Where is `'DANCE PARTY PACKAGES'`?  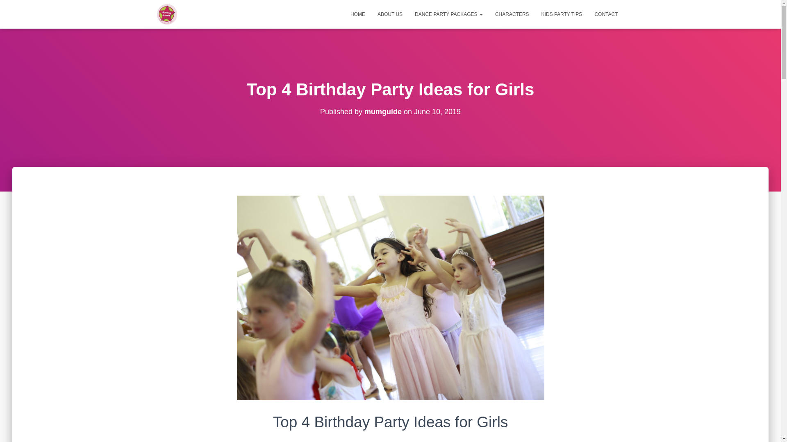
'DANCE PARTY PACKAGES' is located at coordinates (448, 14).